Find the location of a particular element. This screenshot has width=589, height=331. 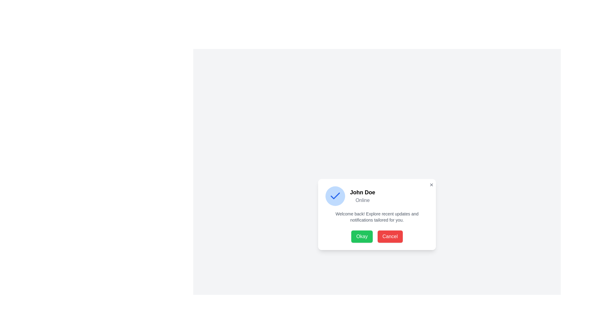

the 'Cancel' button located in the lower portion of the modal window, which is the second button to the right of the green 'Okay' button is located at coordinates (390, 236).